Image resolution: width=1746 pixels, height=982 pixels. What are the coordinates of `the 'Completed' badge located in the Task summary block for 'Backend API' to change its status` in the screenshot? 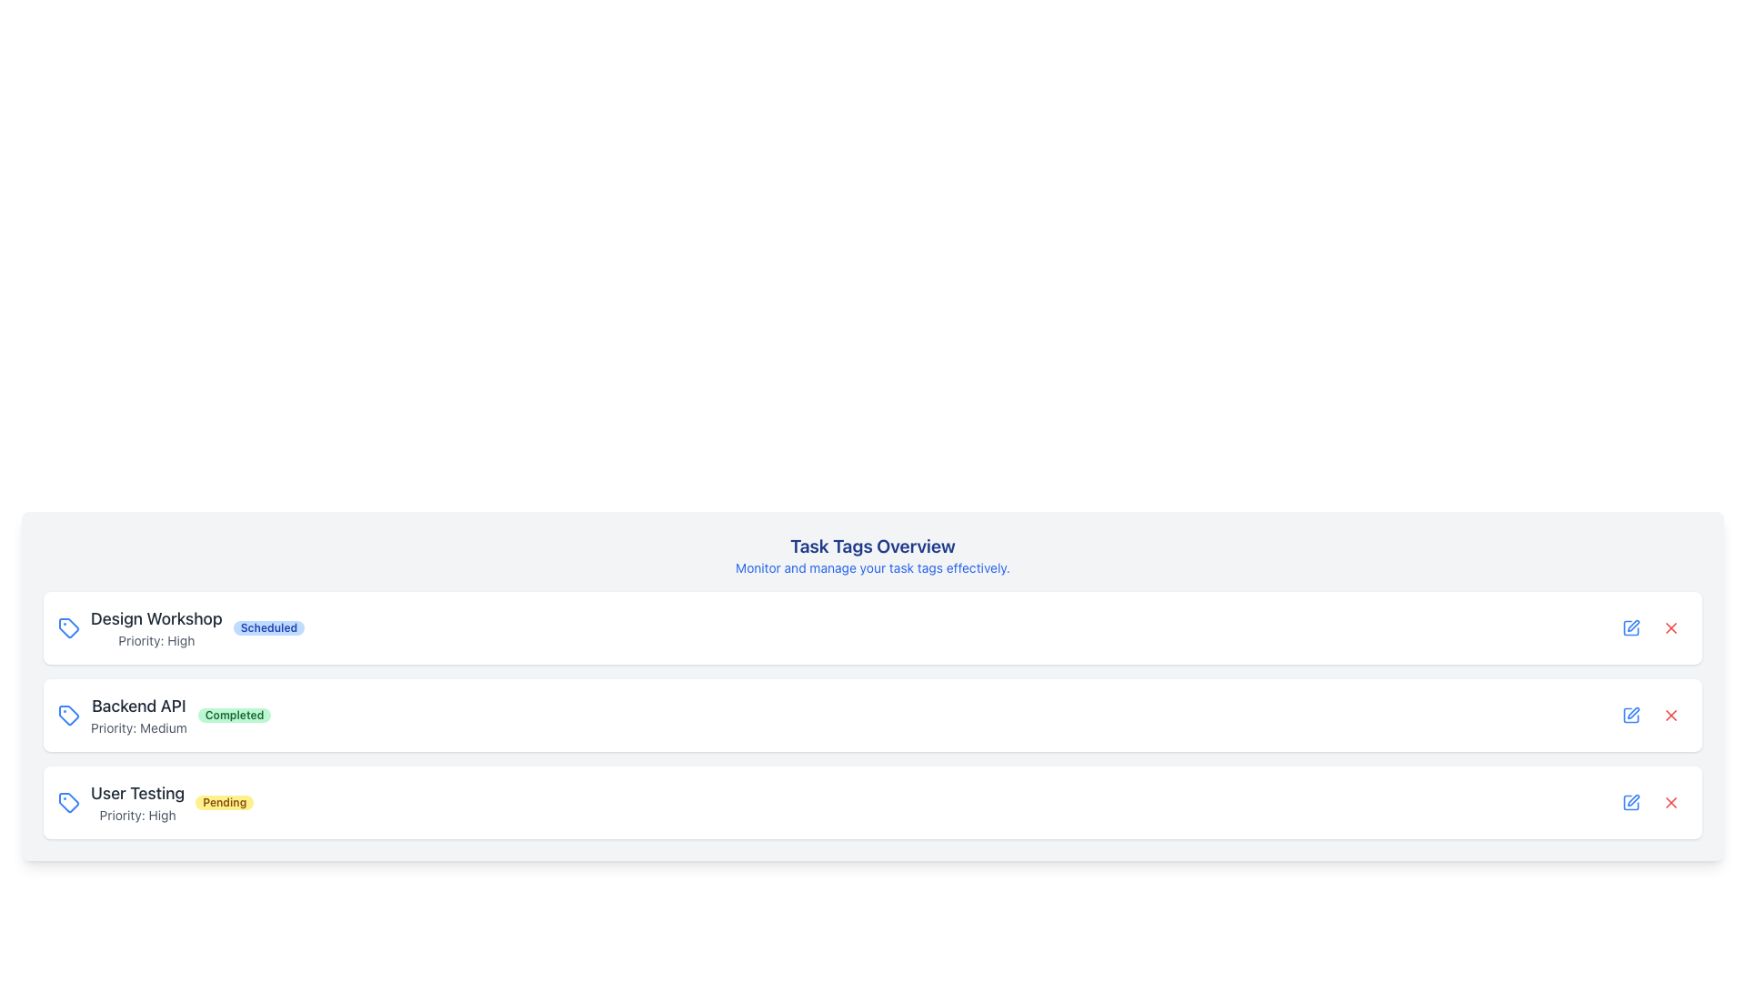 It's located at (165, 714).